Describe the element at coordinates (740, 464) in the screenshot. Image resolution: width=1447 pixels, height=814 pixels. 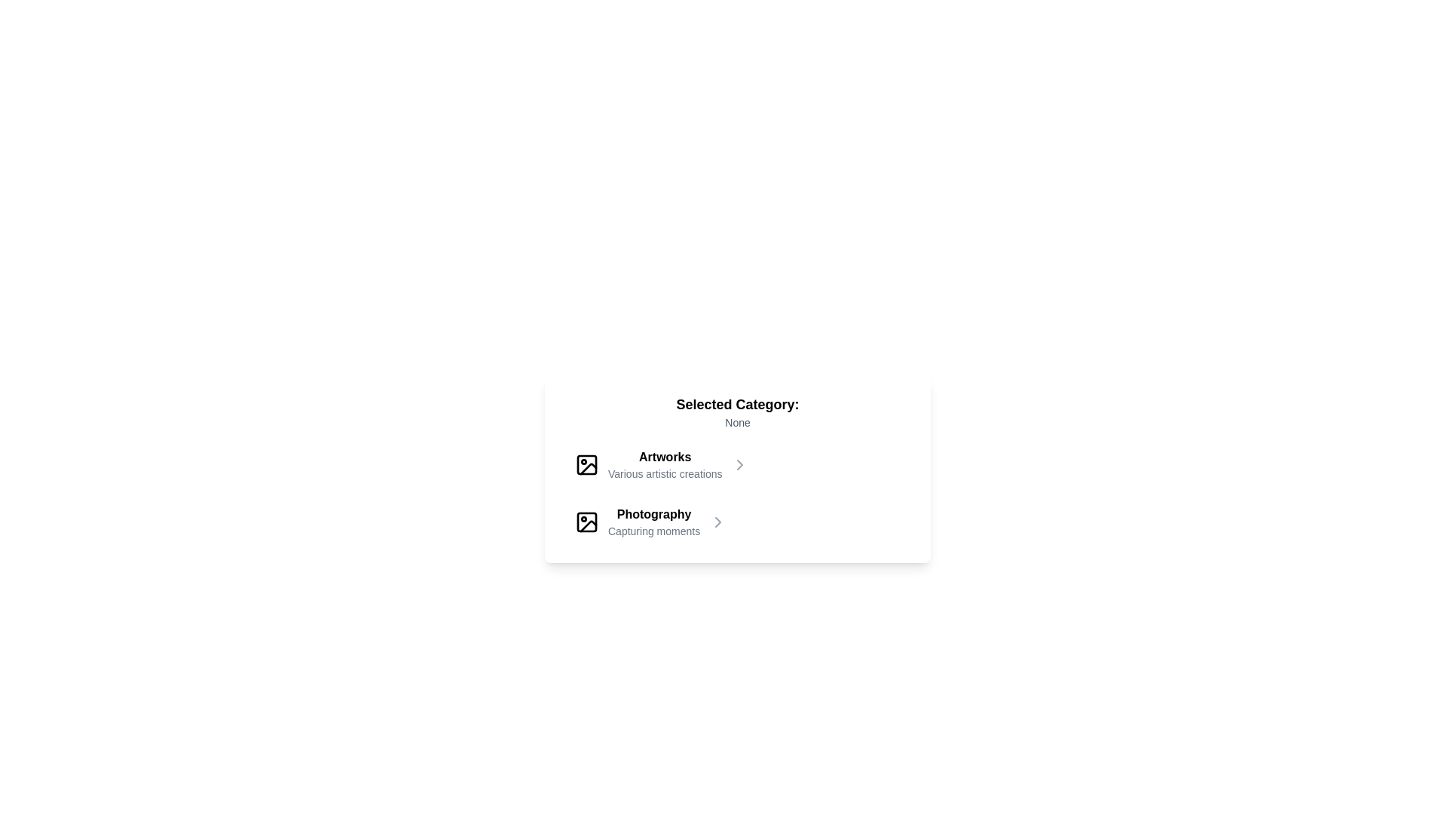
I see `the chevron icon located at the far right of the 'Artworks' category row` at that location.